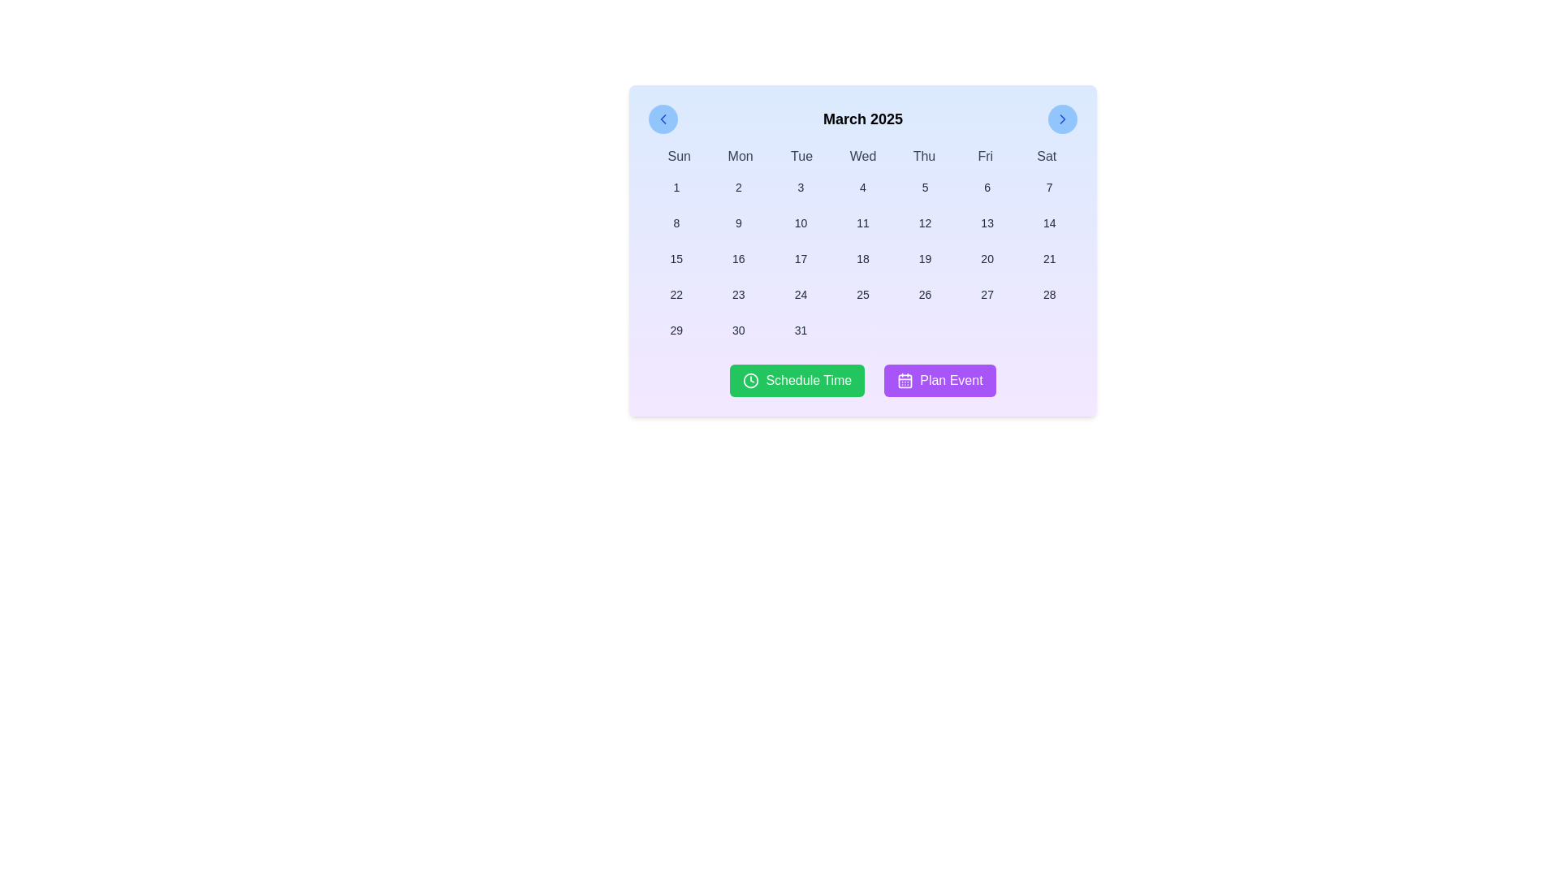  Describe the element at coordinates (862, 118) in the screenshot. I see `the current month and year display in the calendar view, located at the top of the interface above the grid of days` at that location.